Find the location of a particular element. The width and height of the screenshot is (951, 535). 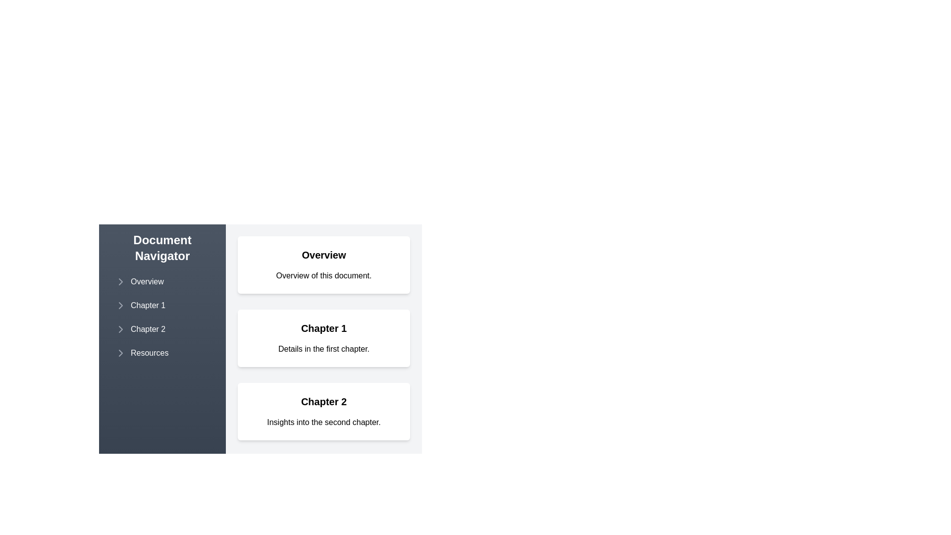

the chevron icon indicating expandability for the 'Chapter 1' menu item in the sidebar navigation menu is located at coordinates (120, 305).